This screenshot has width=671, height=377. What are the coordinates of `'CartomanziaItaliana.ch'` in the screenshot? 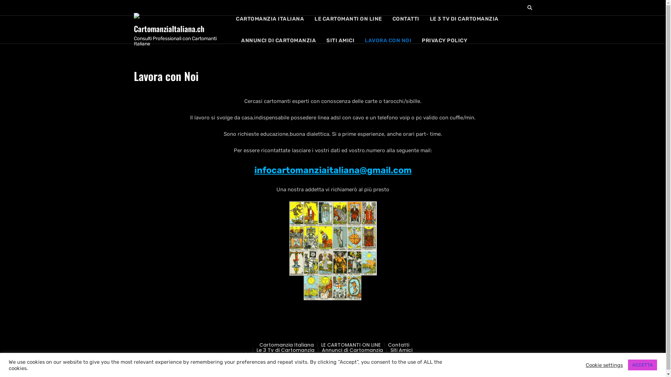 It's located at (169, 28).